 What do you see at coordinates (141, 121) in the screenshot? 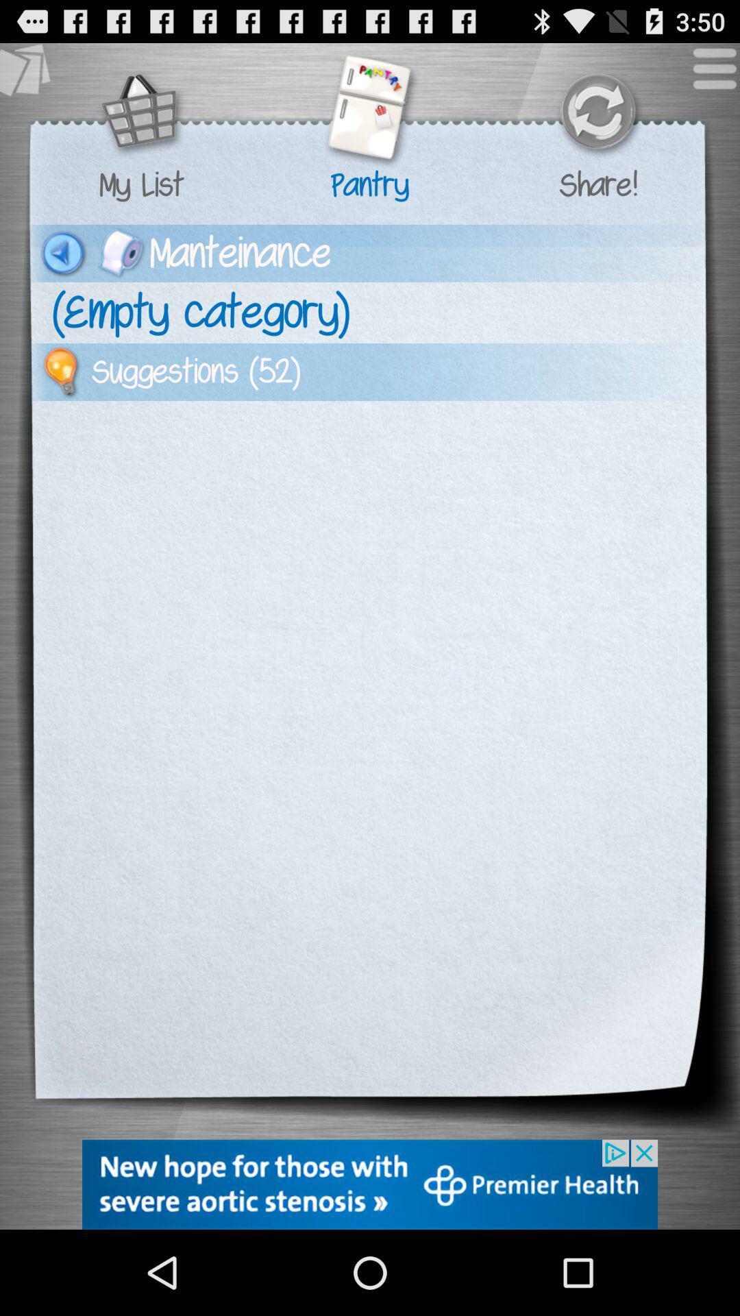
I see `the cart icon` at bounding box center [141, 121].